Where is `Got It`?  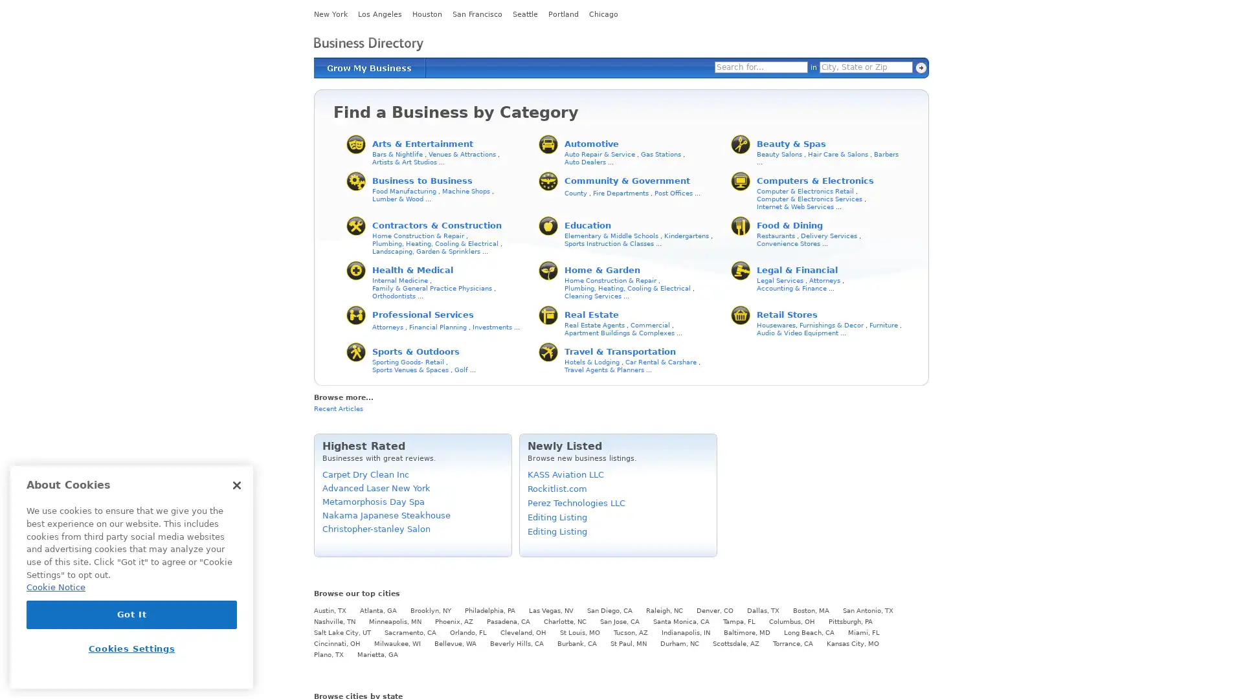
Got It is located at coordinates (131, 614).